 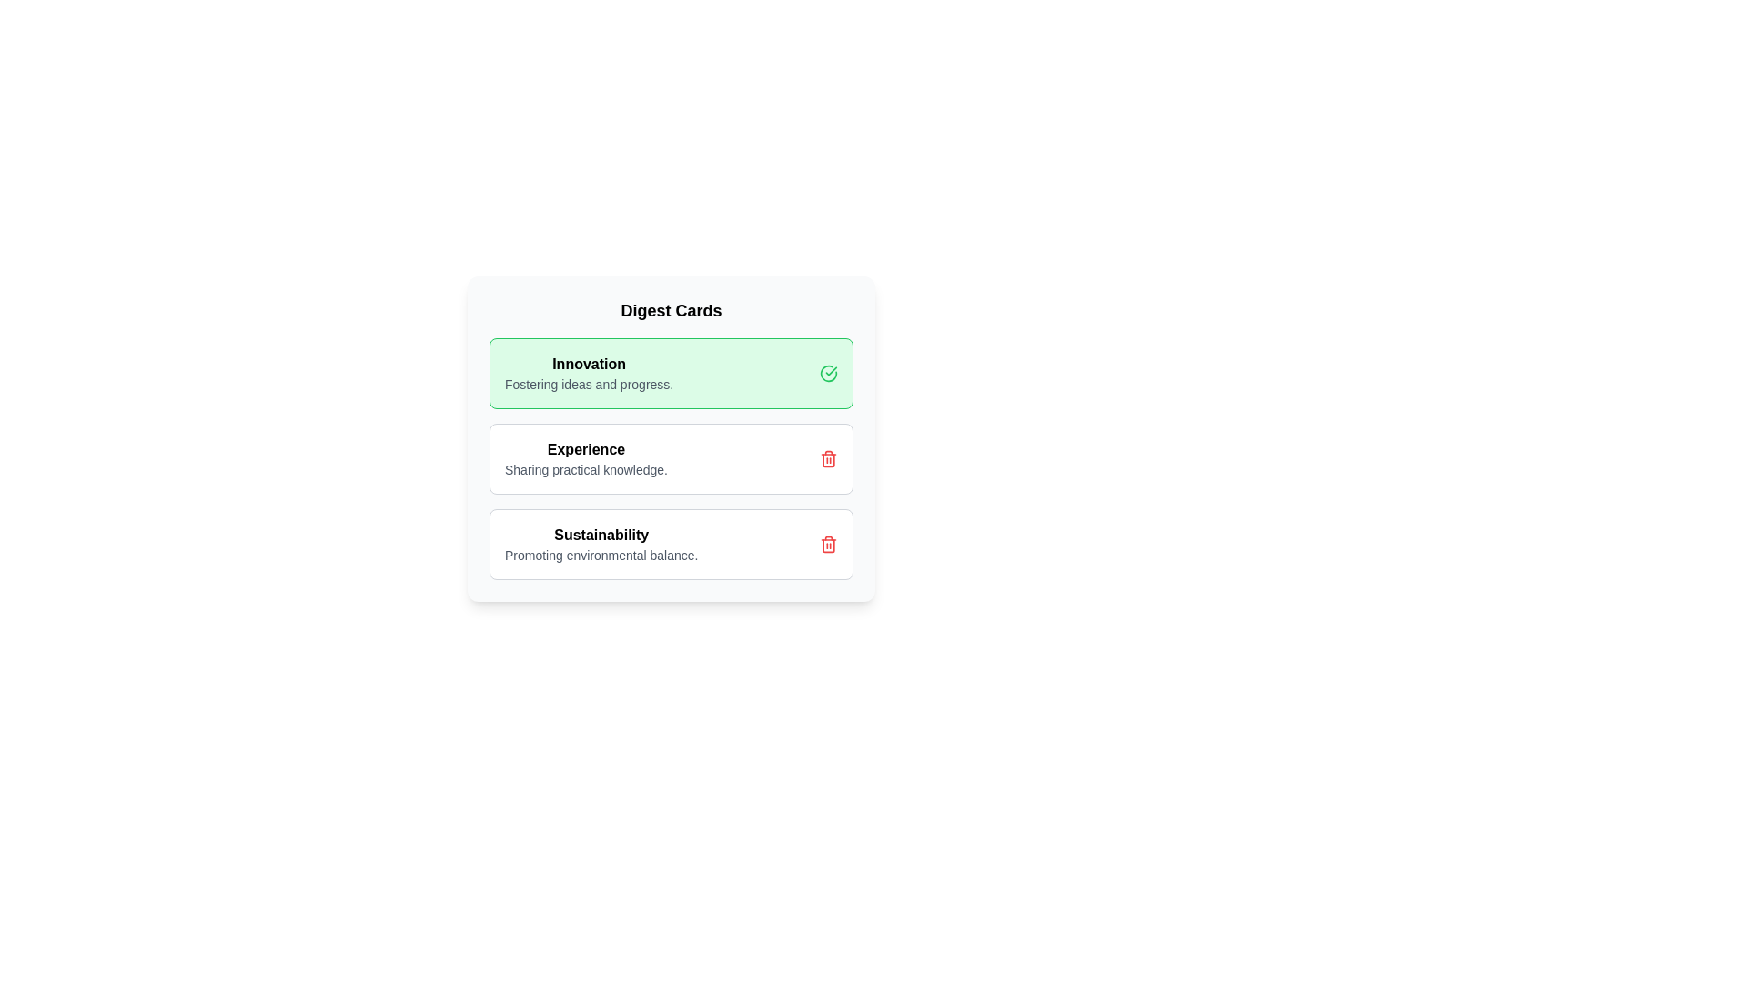 I want to click on the card titled 'Experience' to toggle its highlight state, so click(x=671, y=458).